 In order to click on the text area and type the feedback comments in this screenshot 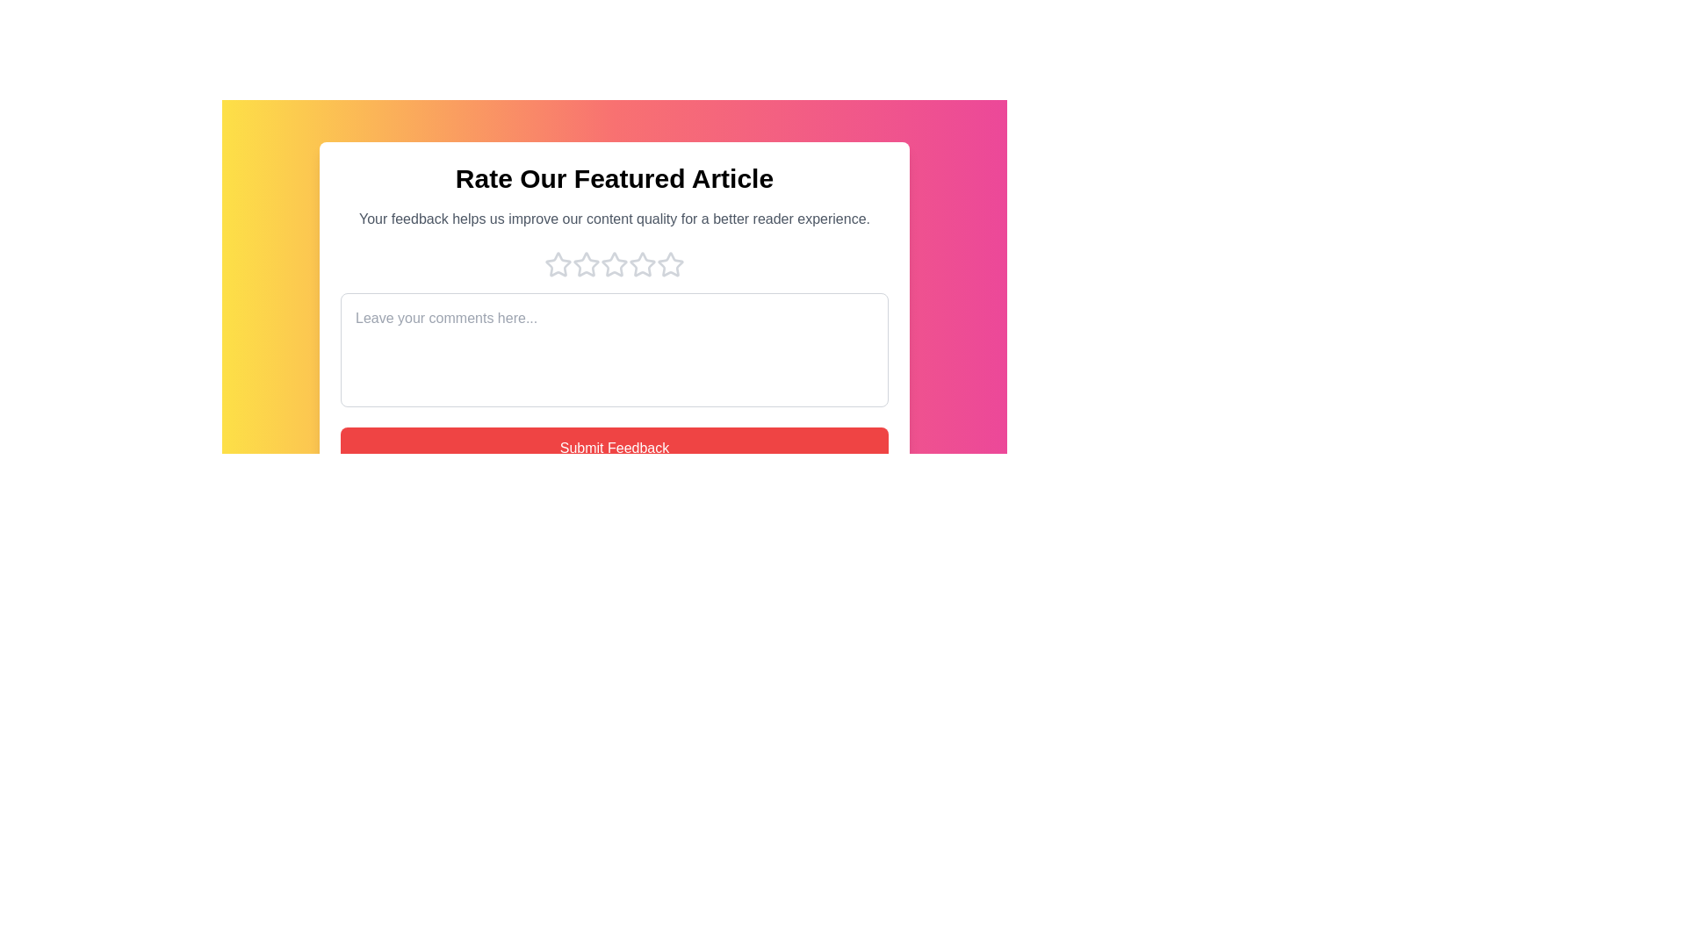, I will do `click(615, 349)`.